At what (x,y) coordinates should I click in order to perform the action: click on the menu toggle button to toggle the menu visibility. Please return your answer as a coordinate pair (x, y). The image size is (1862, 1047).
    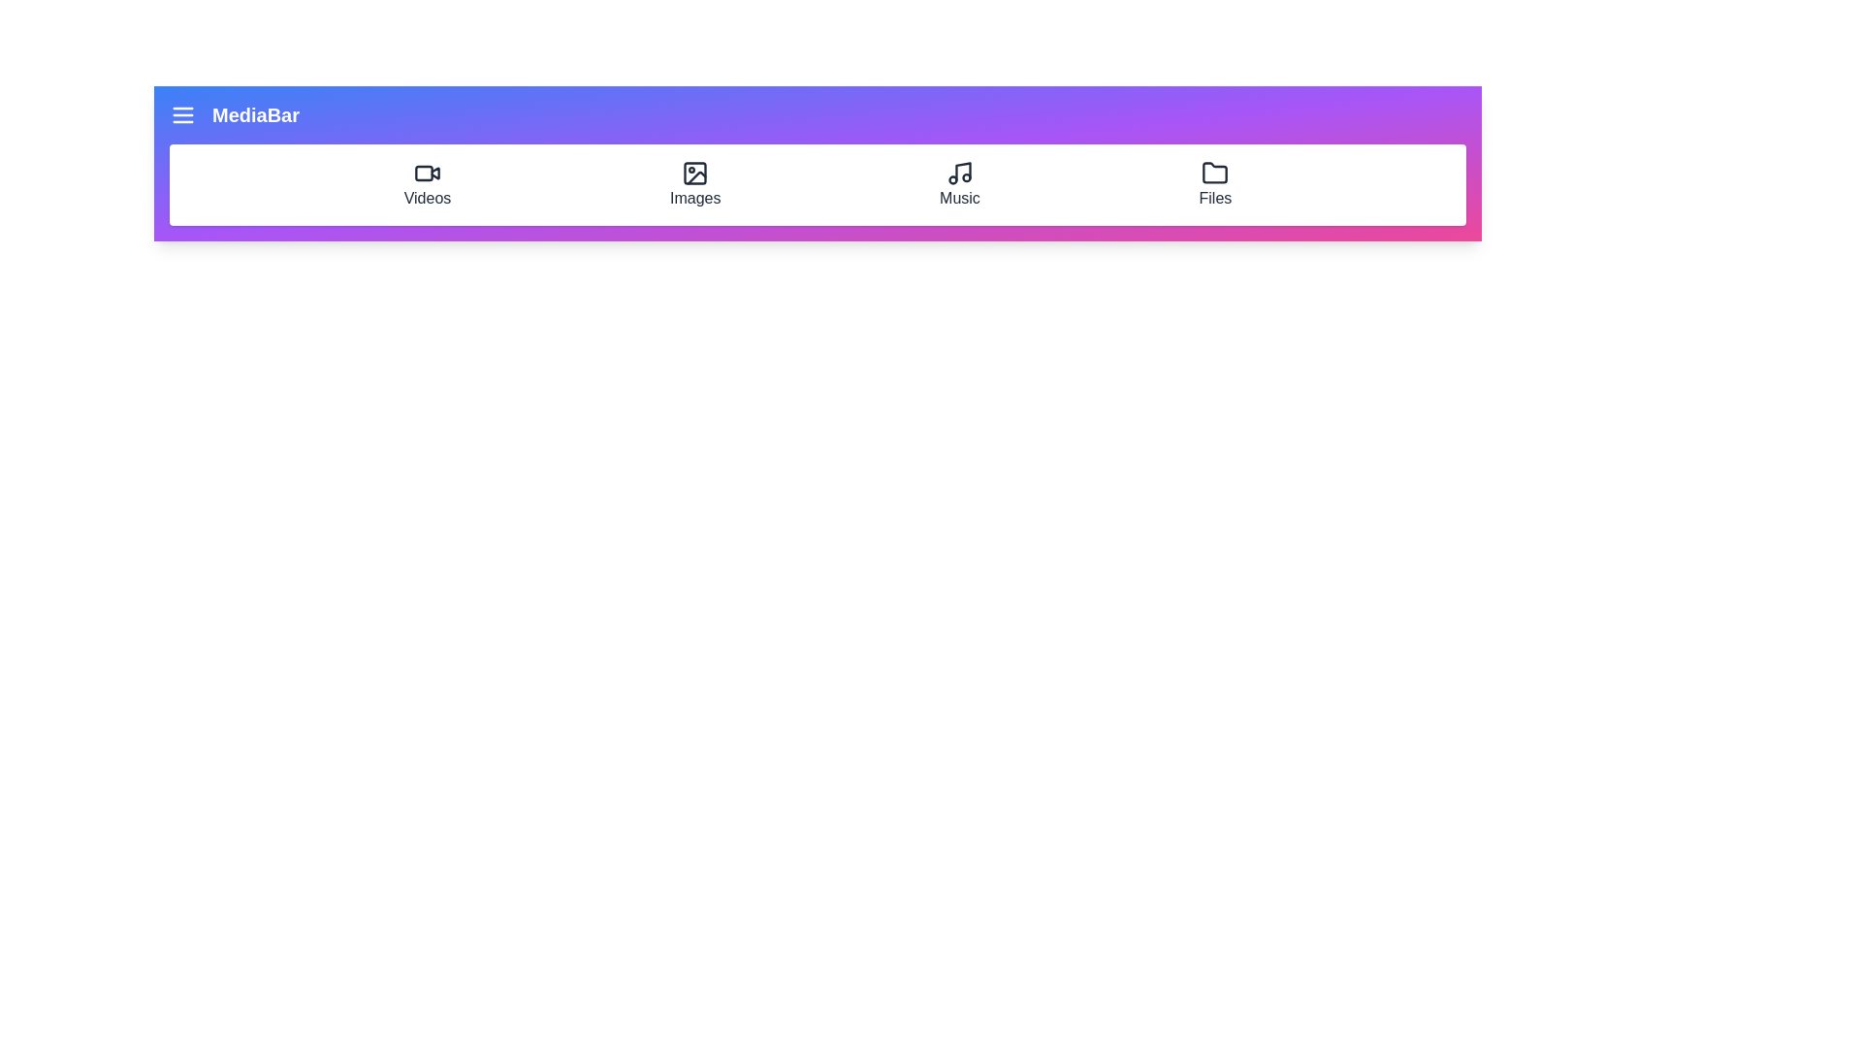
    Looking at the image, I should click on (182, 115).